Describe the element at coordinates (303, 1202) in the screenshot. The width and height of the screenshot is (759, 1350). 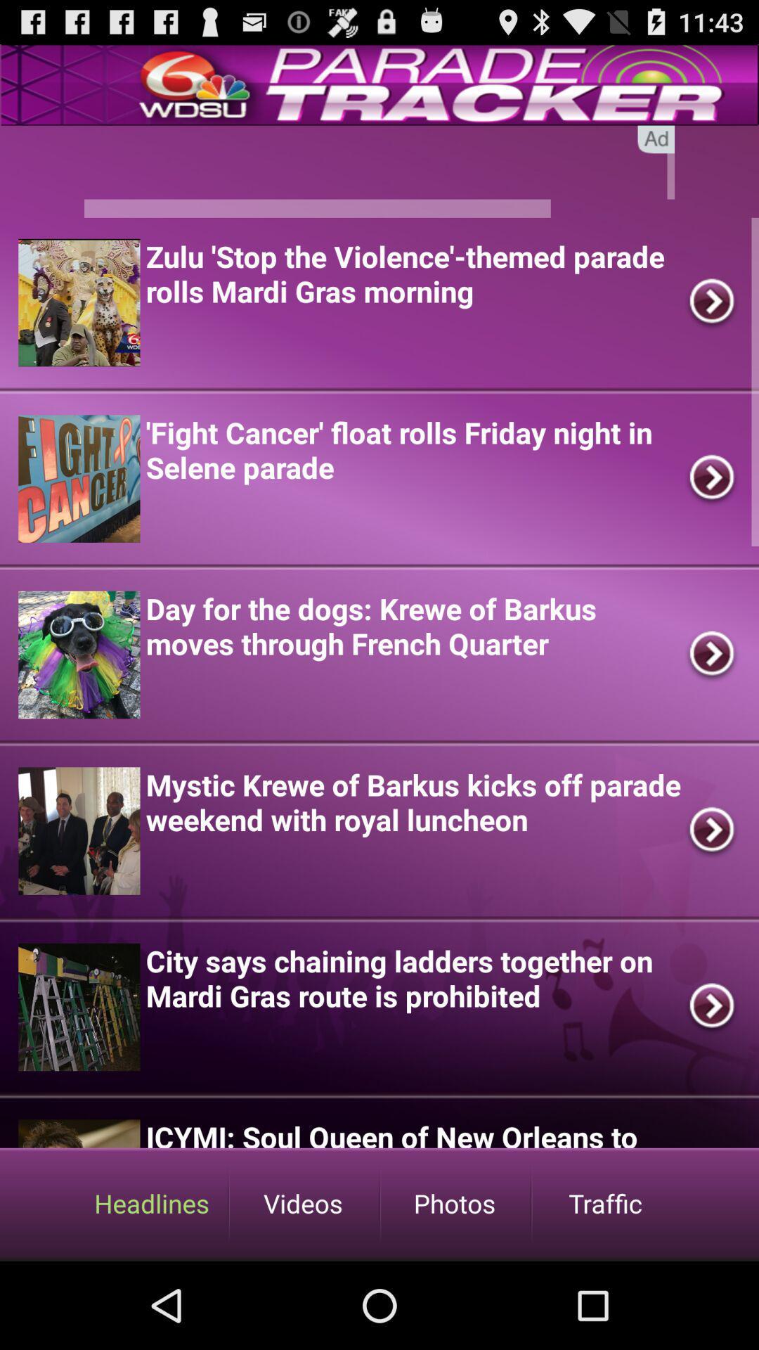
I see `the videos which is above the navigation bar` at that location.